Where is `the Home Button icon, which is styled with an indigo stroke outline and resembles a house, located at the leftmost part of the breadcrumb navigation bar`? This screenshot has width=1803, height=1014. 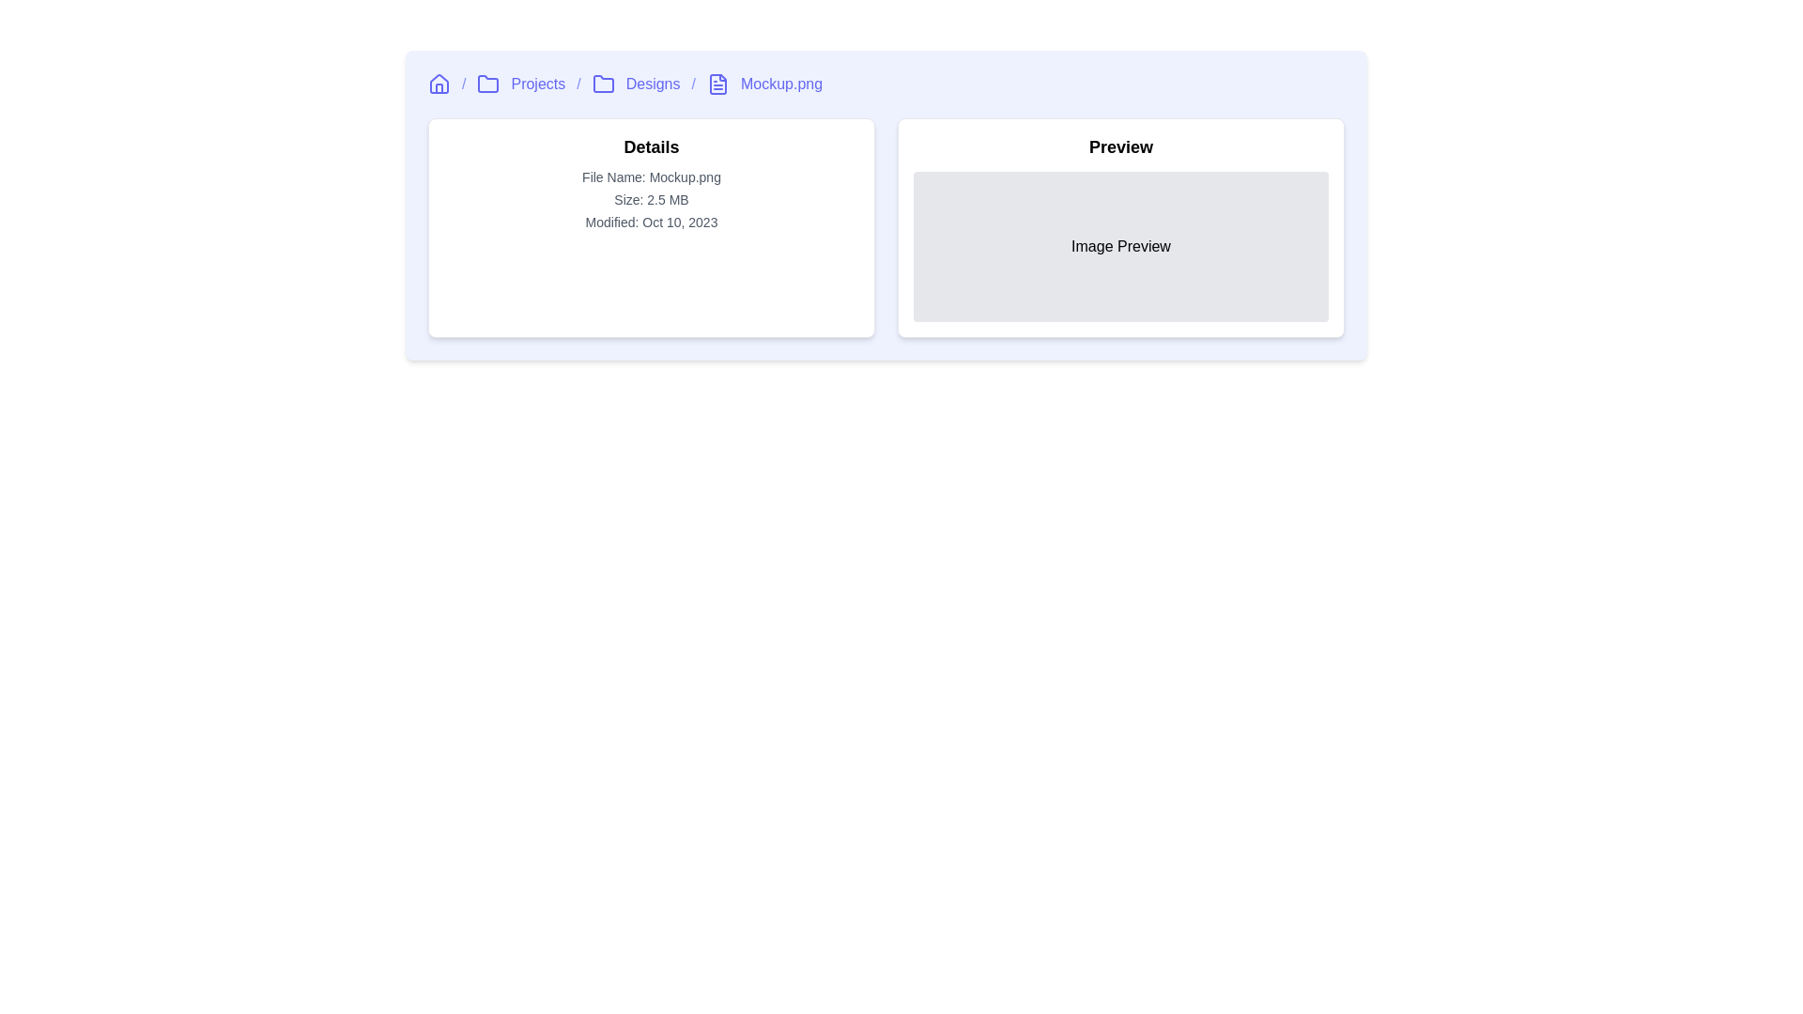 the Home Button icon, which is styled with an indigo stroke outline and resembles a house, located at the leftmost part of the breadcrumb navigation bar is located at coordinates (438, 83).